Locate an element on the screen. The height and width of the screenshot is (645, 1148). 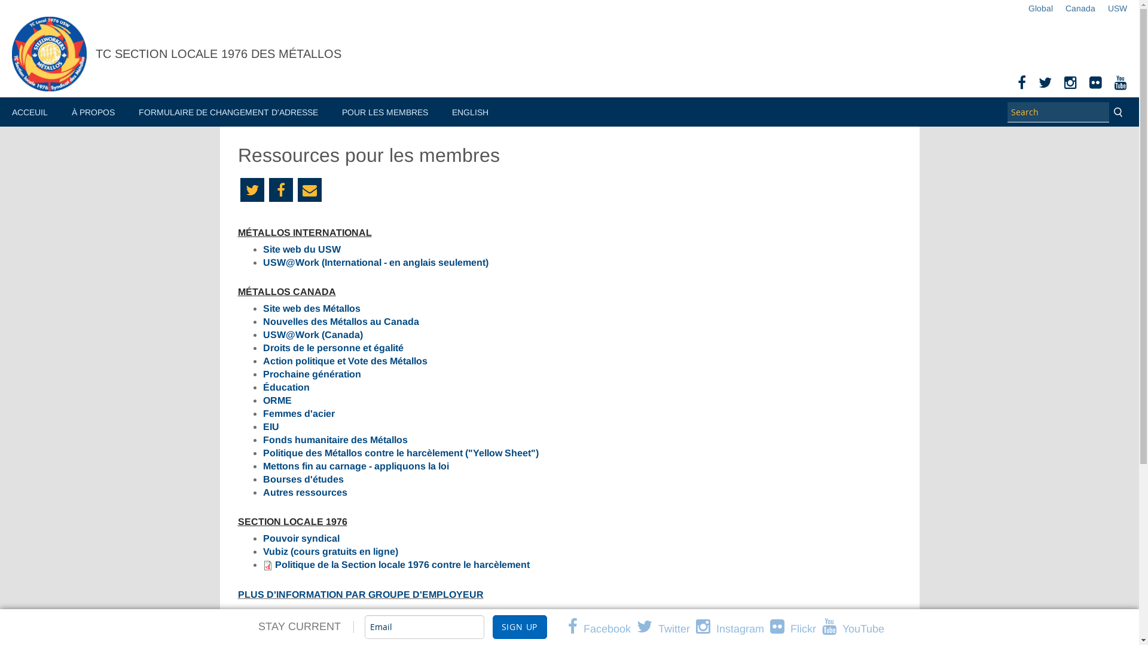
'Sign Up' is located at coordinates (520, 626).